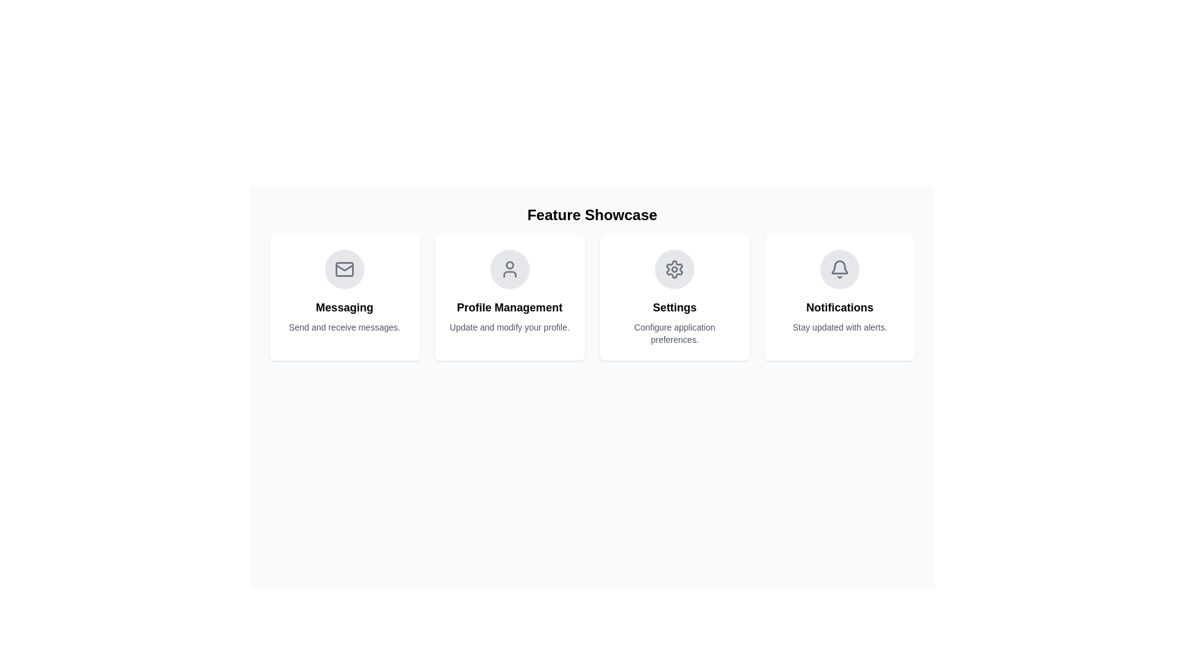 The height and width of the screenshot is (666, 1184). Describe the element at coordinates (344, 267) in the screenshot. I see `SVG properties of the triangular portion of the mail envelope icon located within the 'Messaging' feature card` at that location.